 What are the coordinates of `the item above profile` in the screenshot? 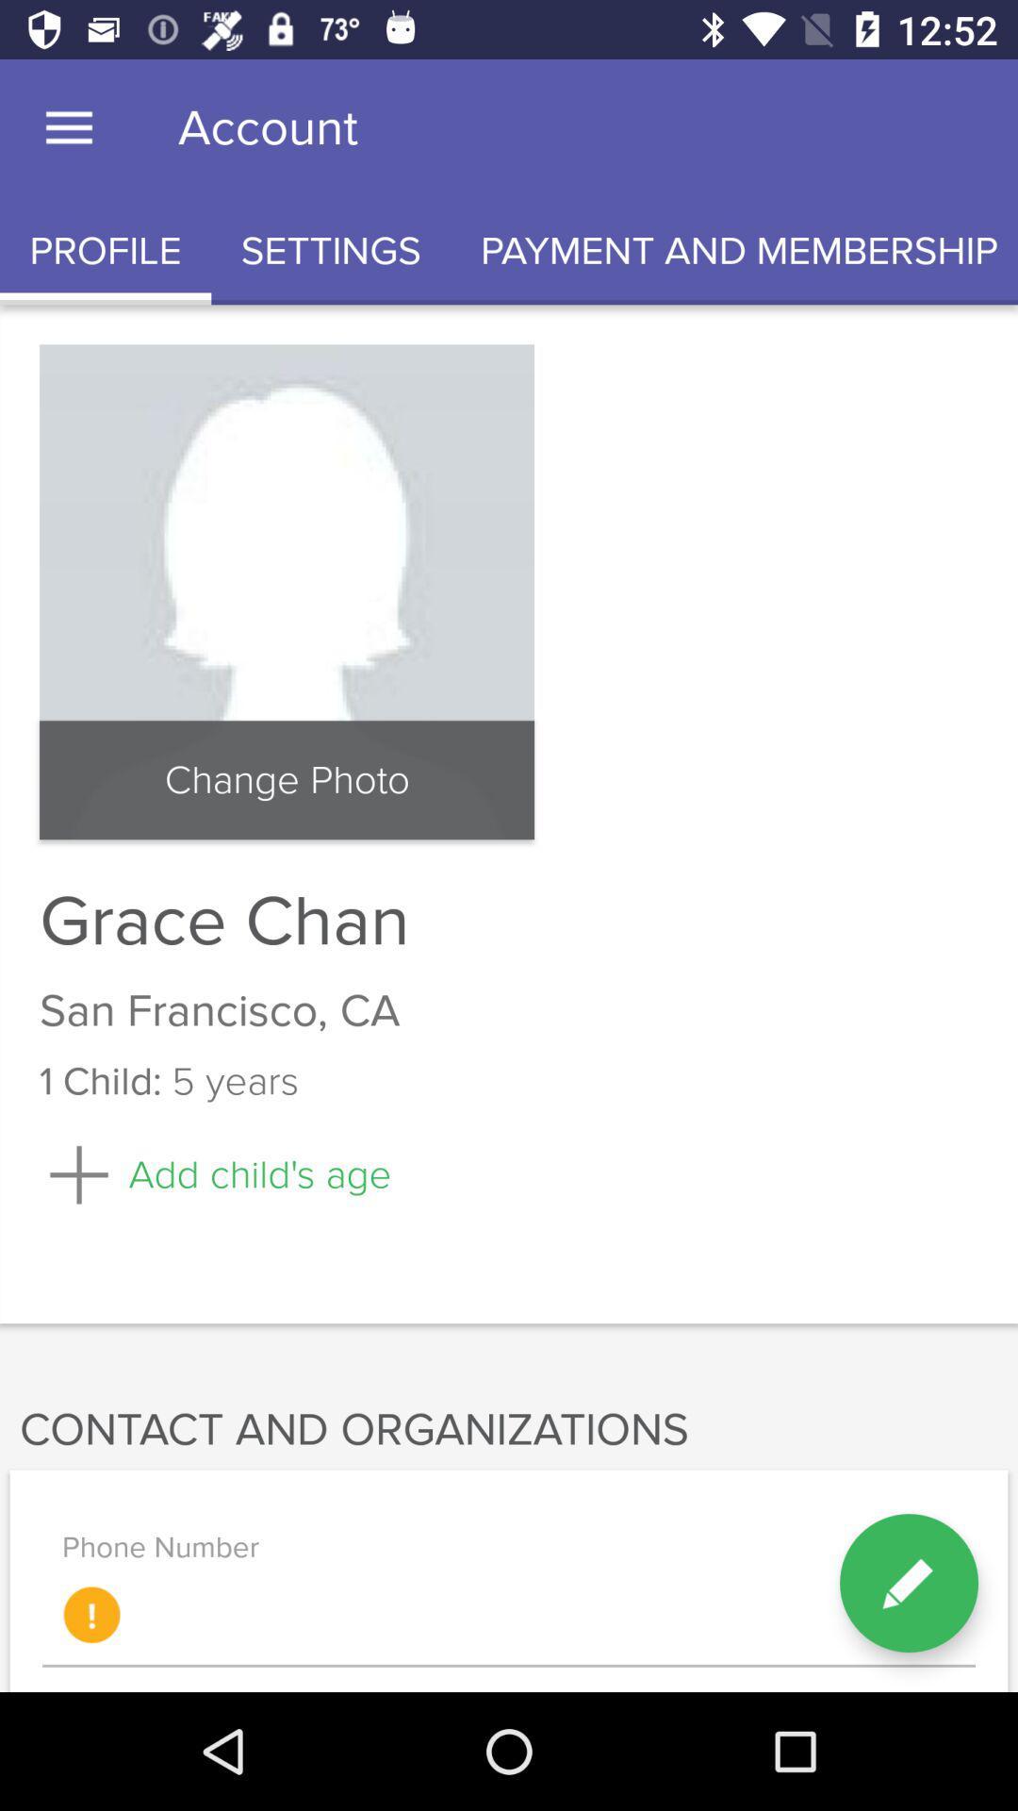 It's located at (68, 127).